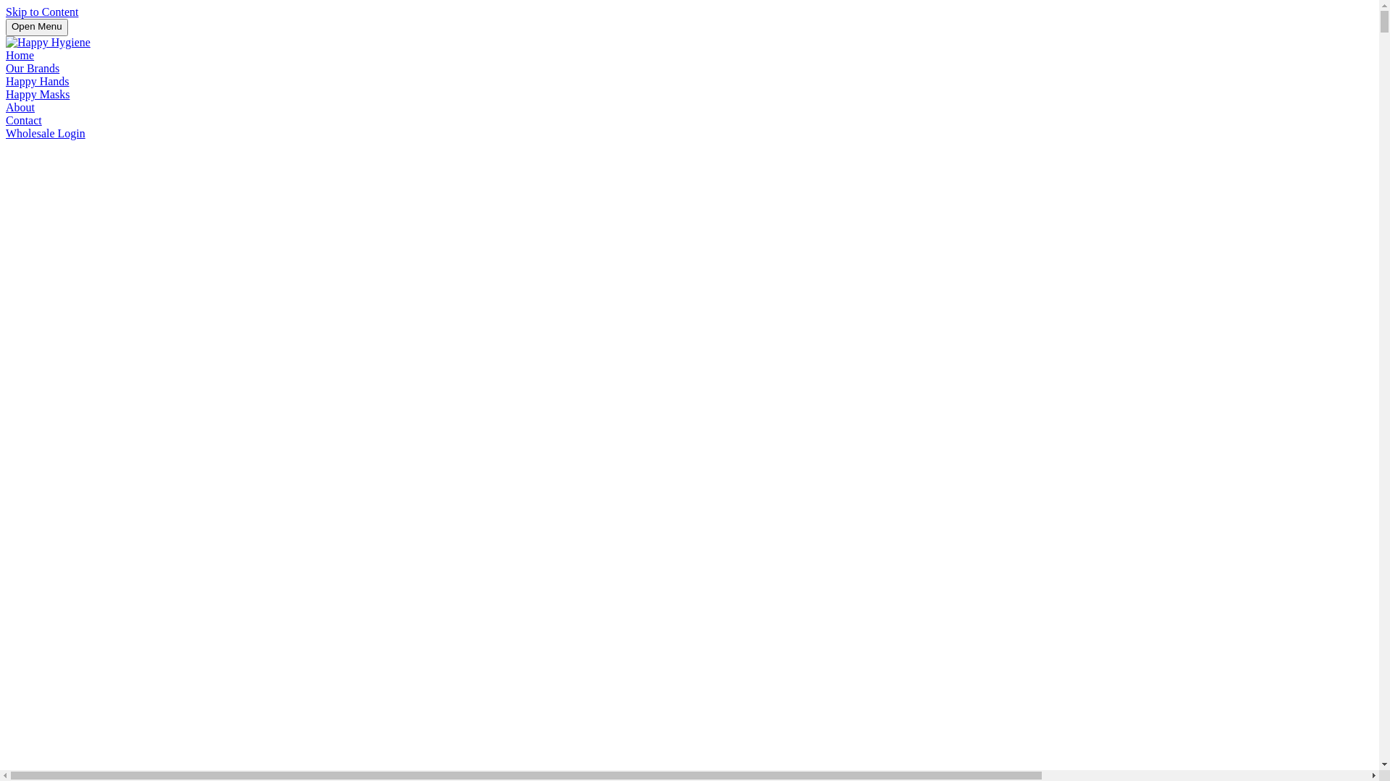  I want to click on 'Home', so click(6, 54).